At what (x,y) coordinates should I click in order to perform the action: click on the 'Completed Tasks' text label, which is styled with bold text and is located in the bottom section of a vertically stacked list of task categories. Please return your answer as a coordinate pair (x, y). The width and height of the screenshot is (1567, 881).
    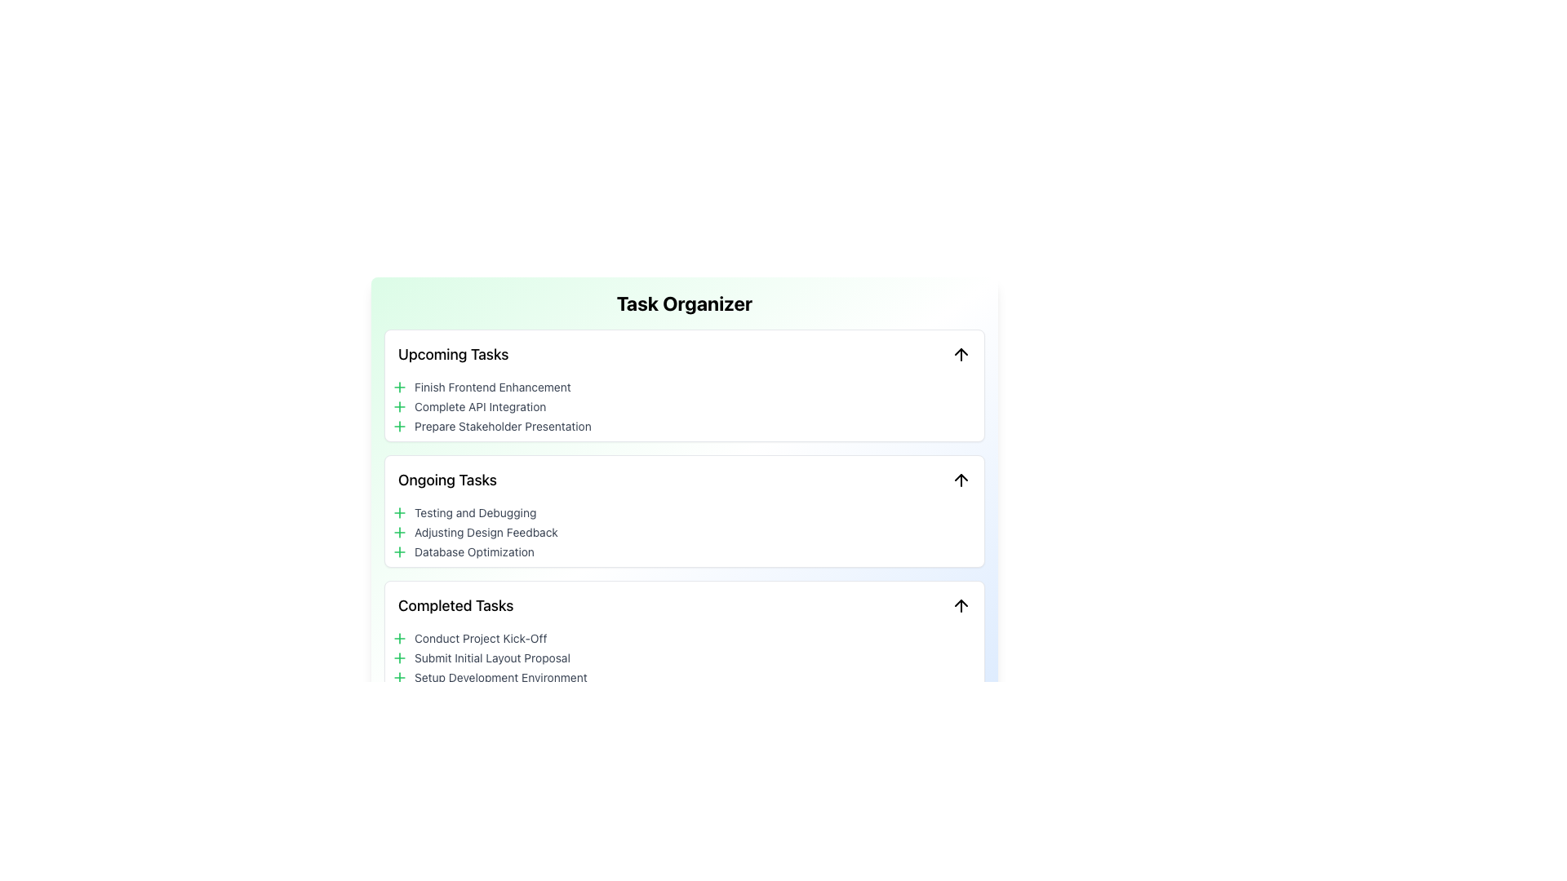
    Looking at the image, I should click on (455, 606).